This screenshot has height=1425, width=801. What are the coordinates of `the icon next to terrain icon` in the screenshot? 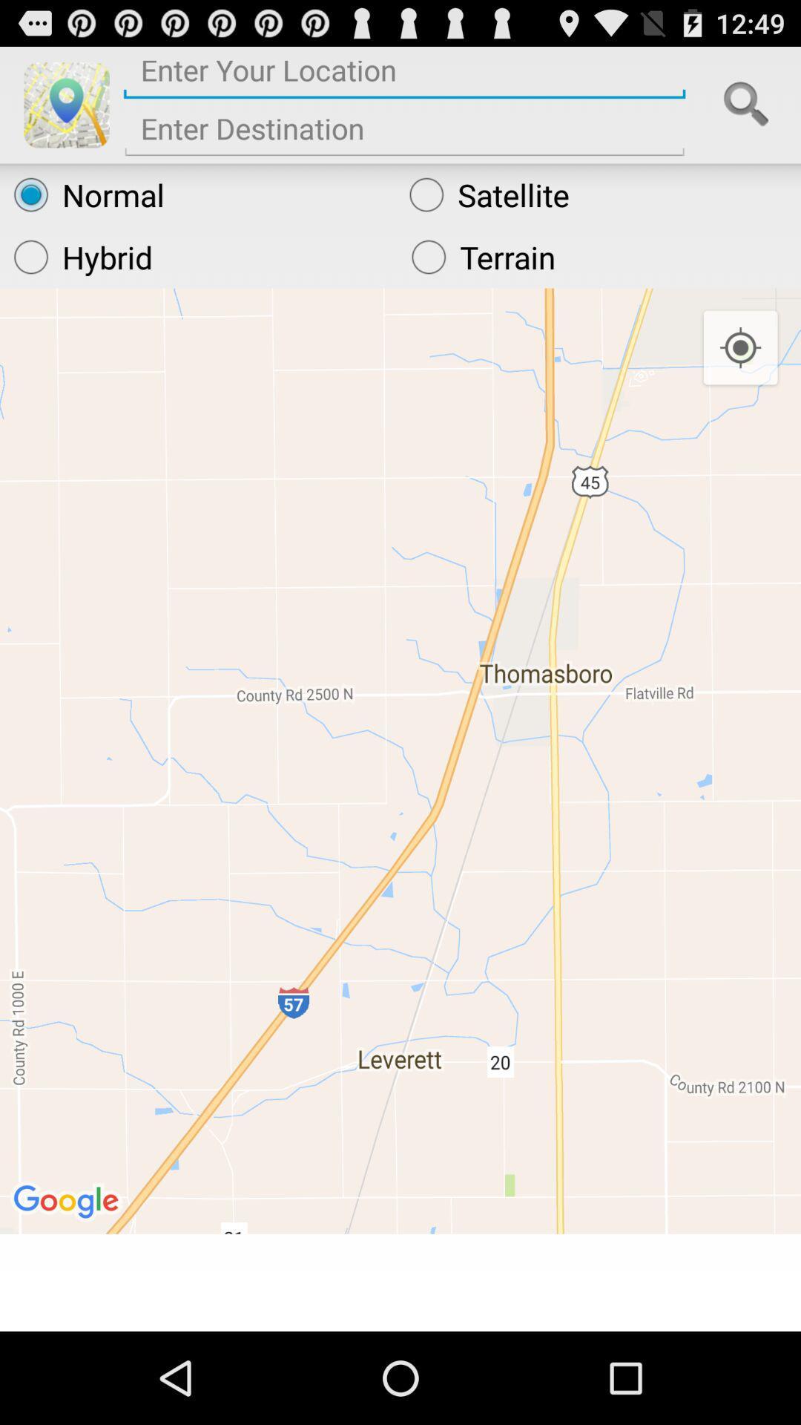 It's located at (198, 257).